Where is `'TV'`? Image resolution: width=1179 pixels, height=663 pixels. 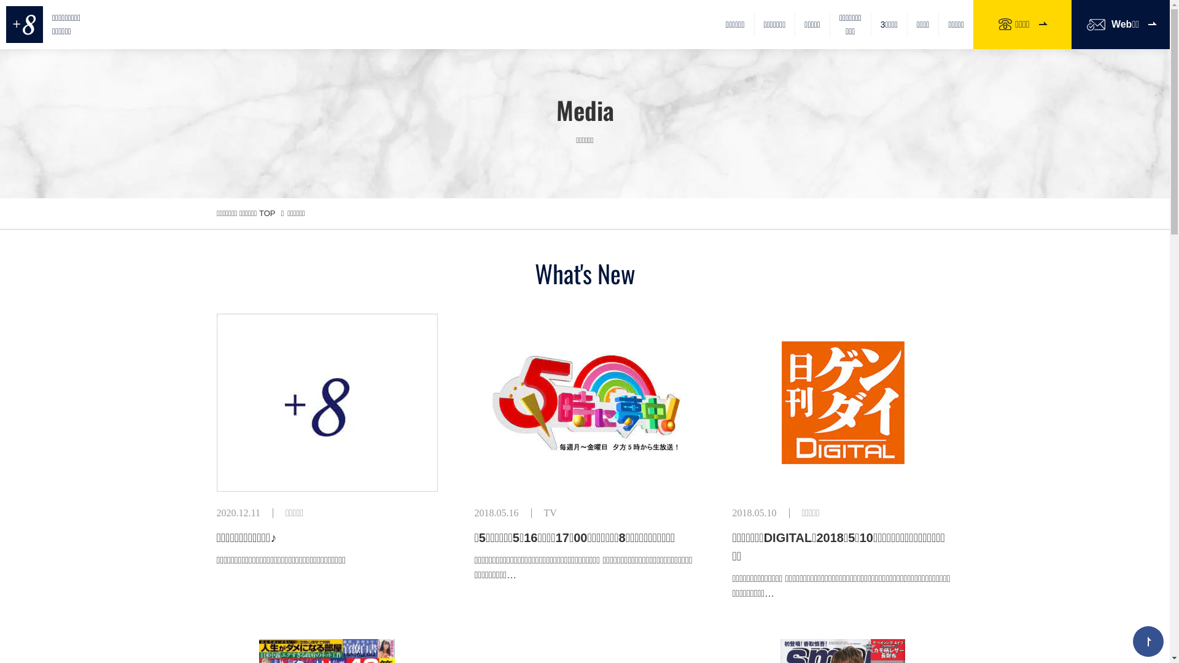 'TV' is located at coordinates (543, 513).